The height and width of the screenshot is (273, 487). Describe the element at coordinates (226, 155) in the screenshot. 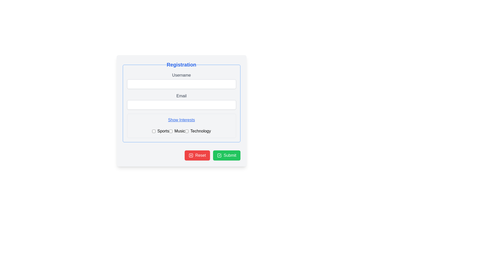

I see `the submit button located at the bottom-right corner of the form interface to initiate the submission process` at that location.